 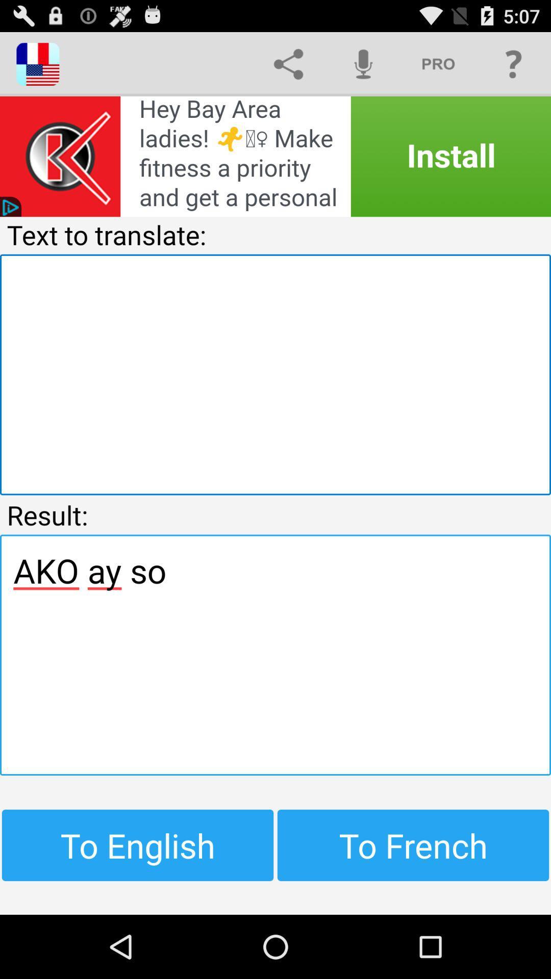 What do you see at coordinates (138, 845) in the screenshot?
I see `the button beside to french` at bounding box center [138, 845].